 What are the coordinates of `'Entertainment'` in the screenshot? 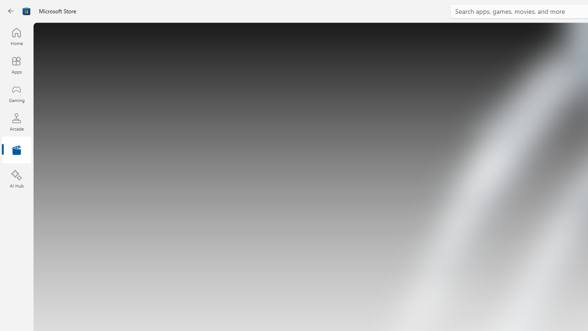 It's located at (16, 150).